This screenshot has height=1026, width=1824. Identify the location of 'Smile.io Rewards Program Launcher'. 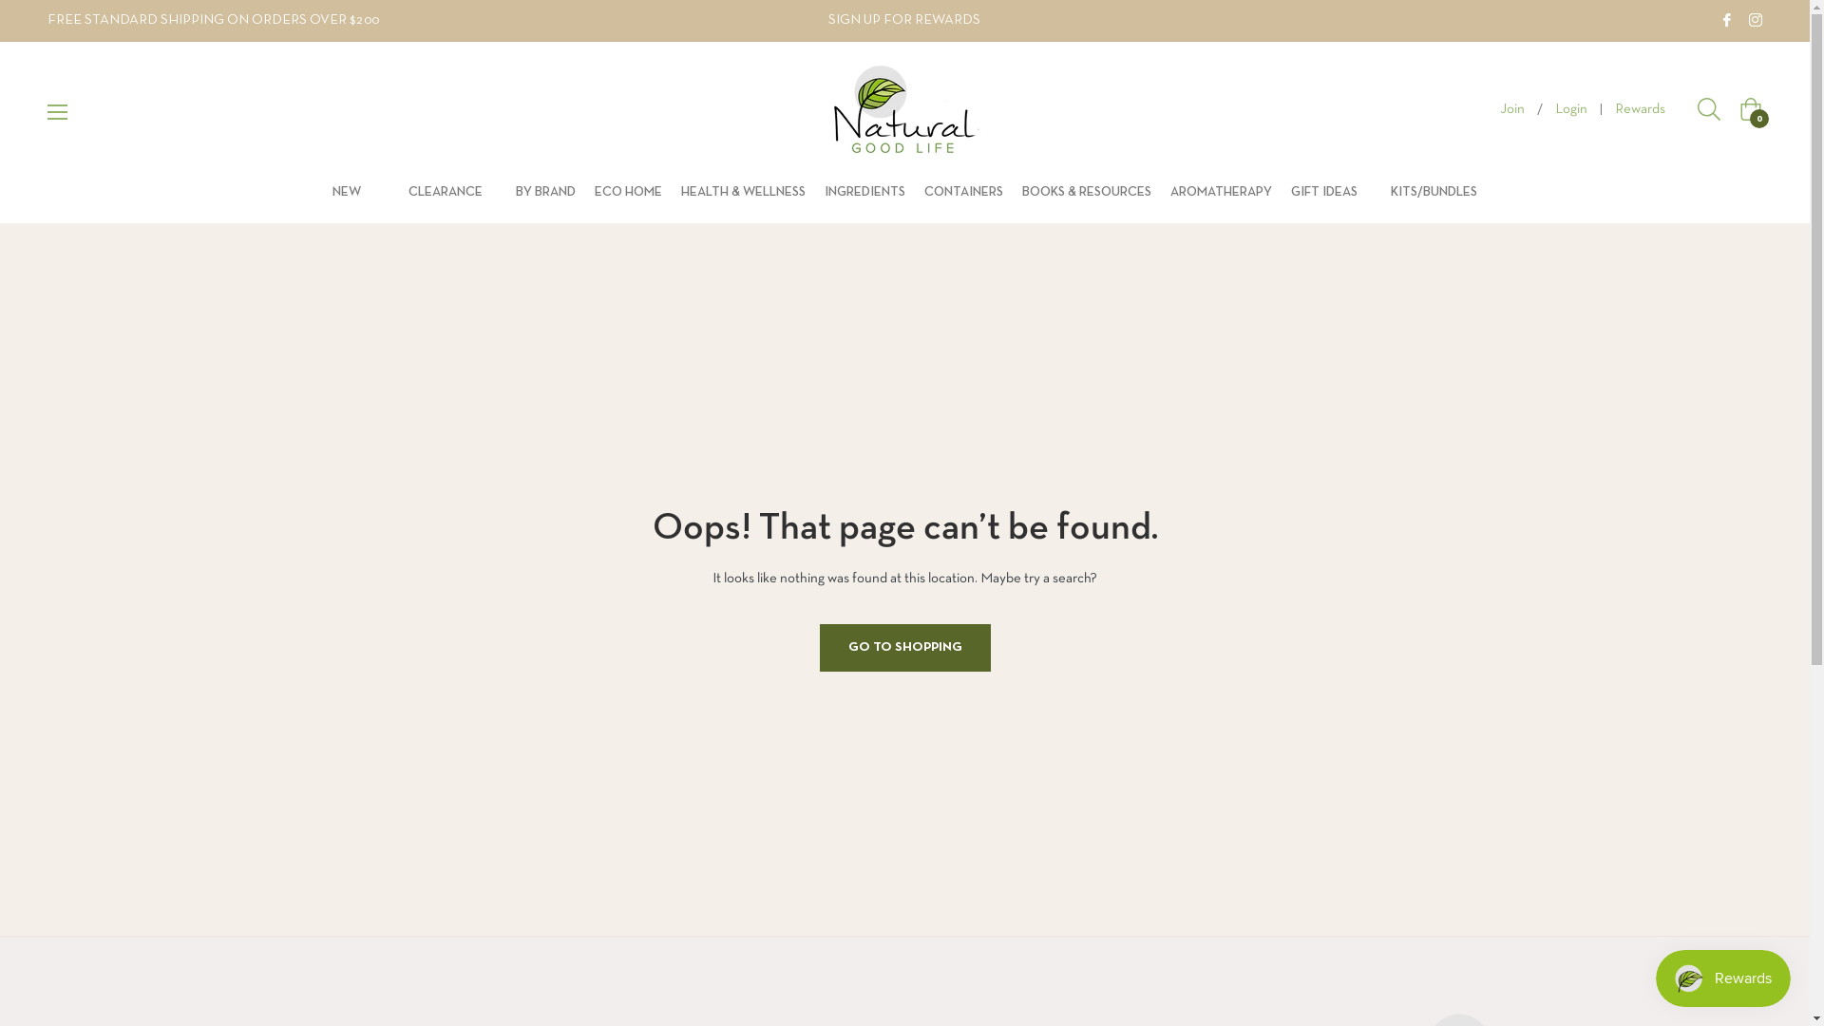
(1723, 978).